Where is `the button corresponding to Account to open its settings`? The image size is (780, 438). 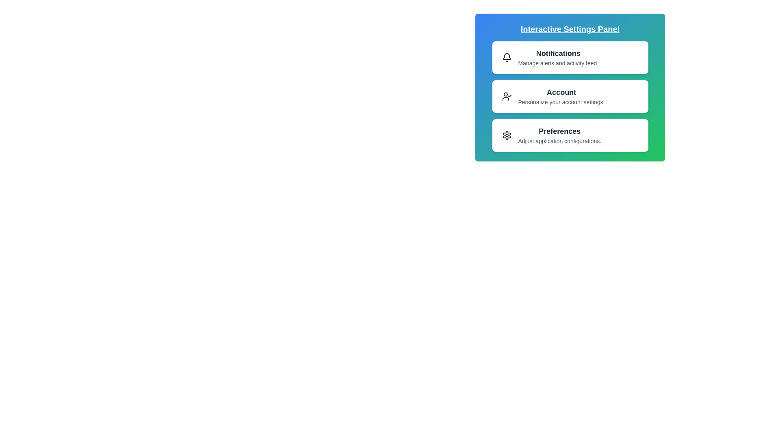 the button corresponding to Account to open its settings is located at coordinates (570, 96).